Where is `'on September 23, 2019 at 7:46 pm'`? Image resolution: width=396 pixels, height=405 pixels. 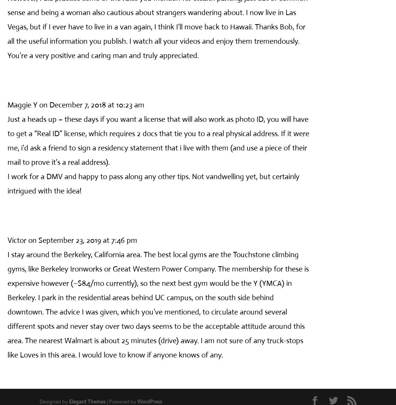
'on September 23, 2019 at 7:46 pm' is located at coordinates (82, 240).